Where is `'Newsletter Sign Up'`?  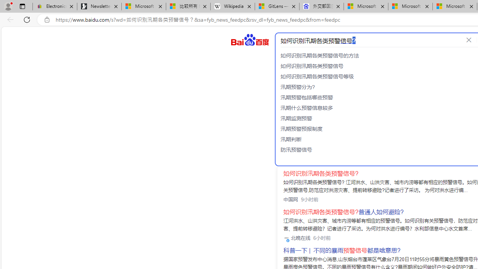
'Newsletter Sign Up' is located at coordinates (99, 6).